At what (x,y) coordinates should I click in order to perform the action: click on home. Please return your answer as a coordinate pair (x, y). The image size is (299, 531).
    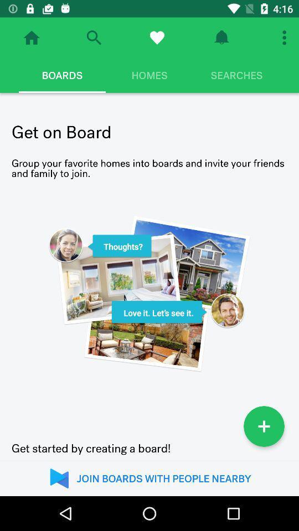
    Looking at the image, I should click on (32, 38).